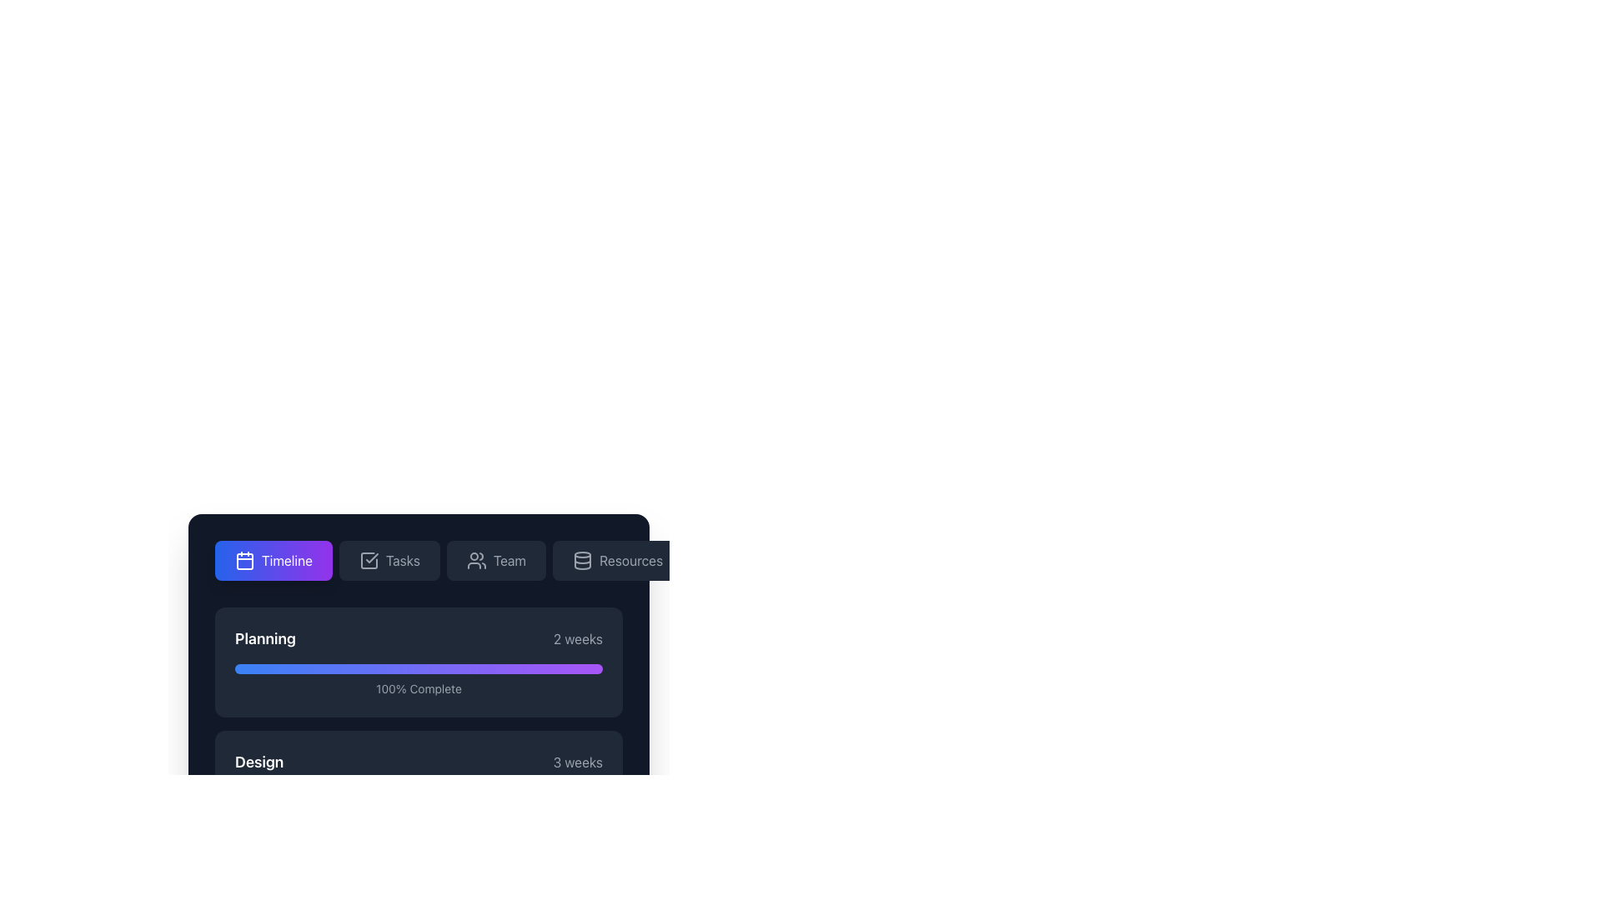 This screenshot has width=1601, height=900. I want to click on the Card with the title 'Design' and the timeframe '3 weeks', which is the second card in a vertical list and has a progress bar filled to 75%, so click(419, 785).